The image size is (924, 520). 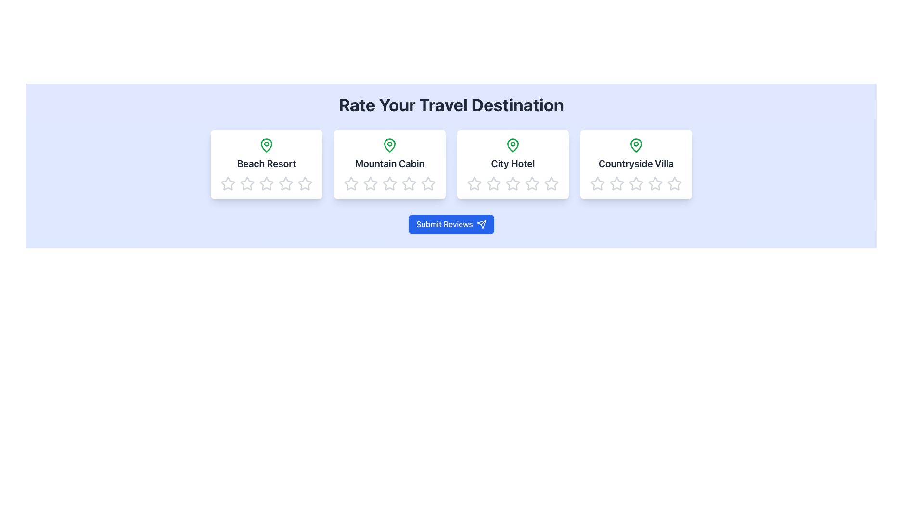 I want to click on the first rating star icon under the 'Countryside Villa' section, so click(x=597, y=183).